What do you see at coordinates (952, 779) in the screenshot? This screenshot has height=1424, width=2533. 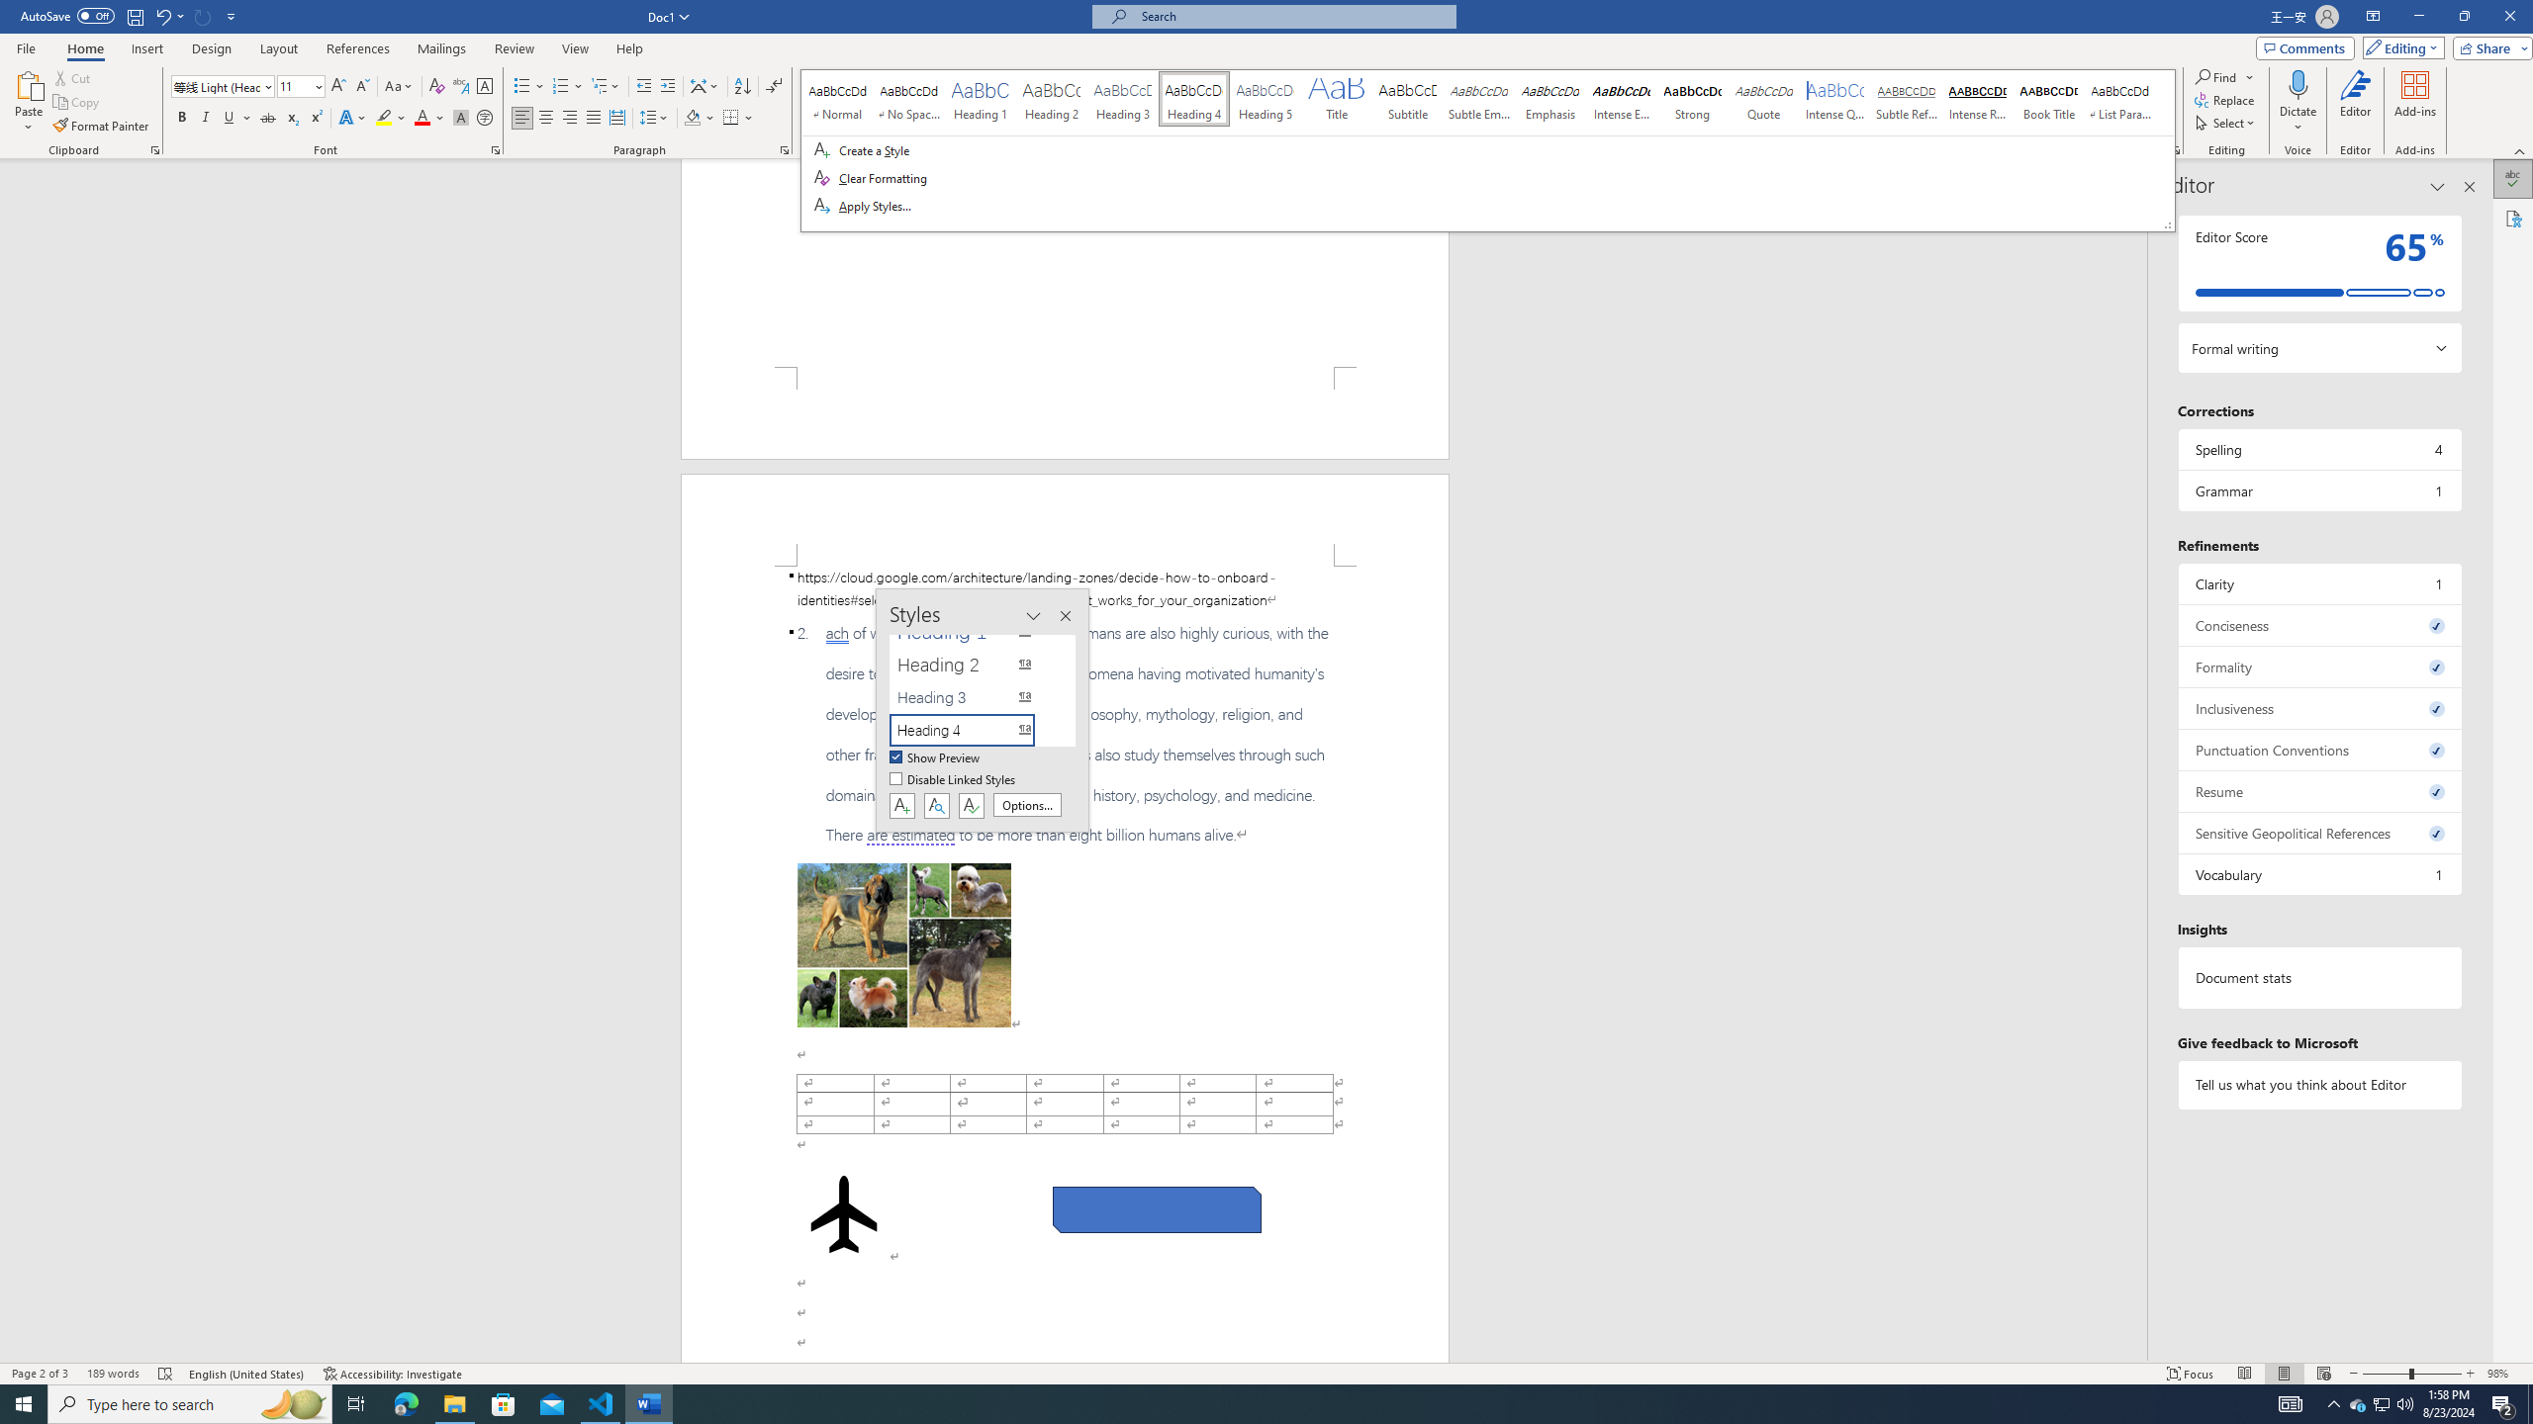 I see `'Disable Linked Styles'` at bounding box center [952, 779].